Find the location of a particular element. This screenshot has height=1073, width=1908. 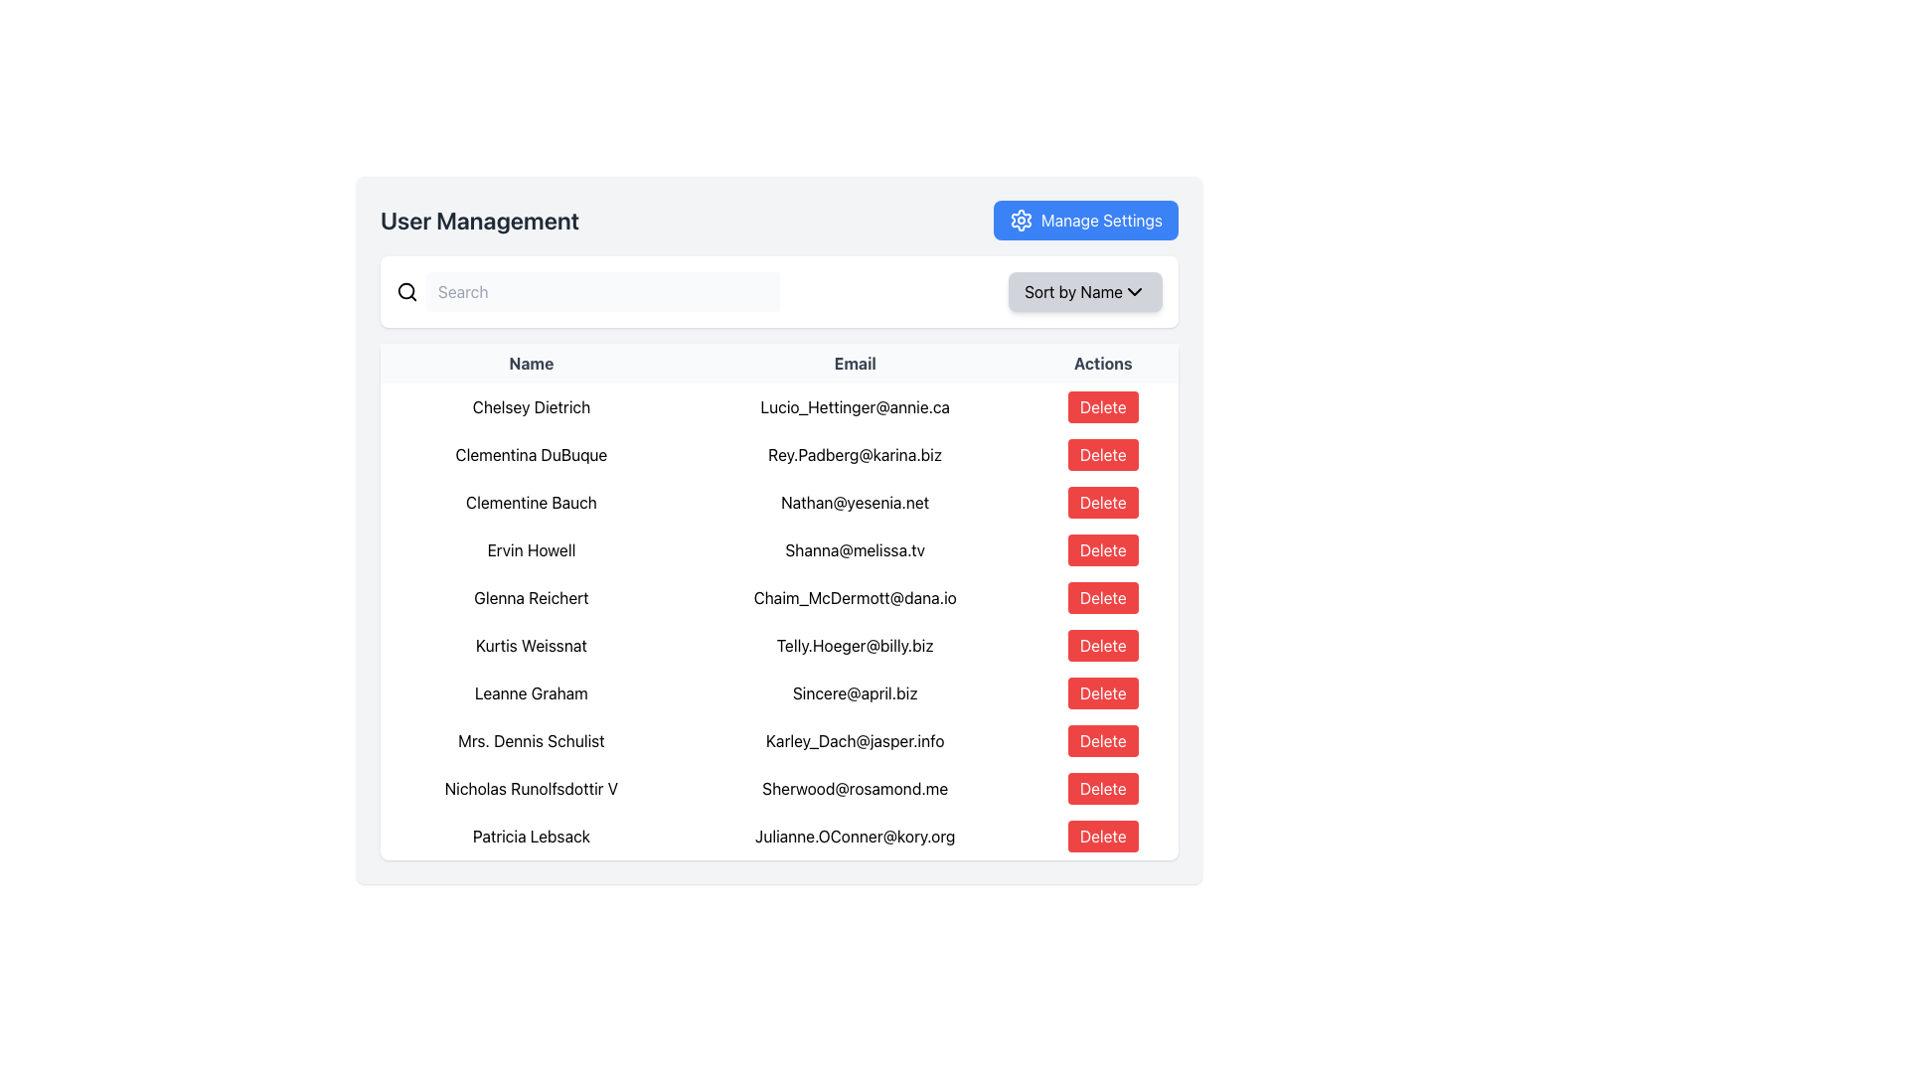

the Text label in the third row of the 'Name' column, which describes a user adjacent to the email 'Nathan@yesenia.net' is located at coordinates (531, 501).